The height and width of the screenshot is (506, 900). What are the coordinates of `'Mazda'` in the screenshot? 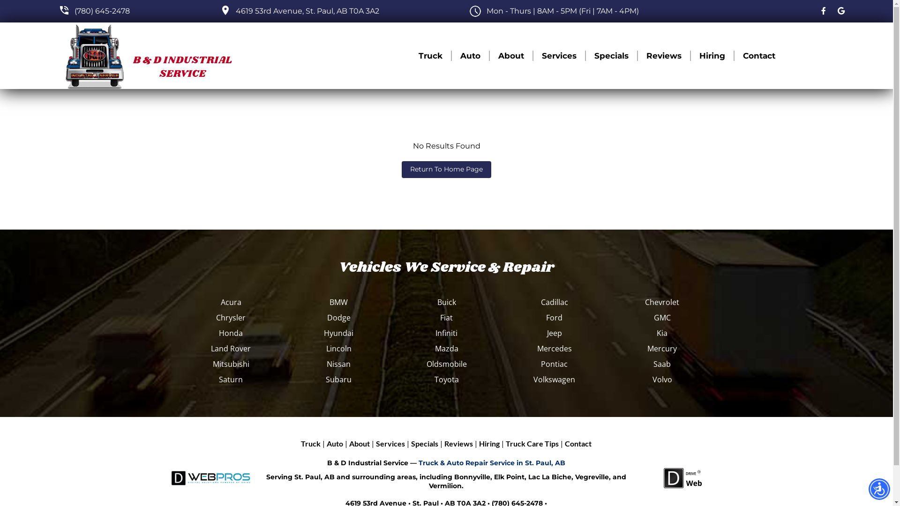 It's located at (446, 349).